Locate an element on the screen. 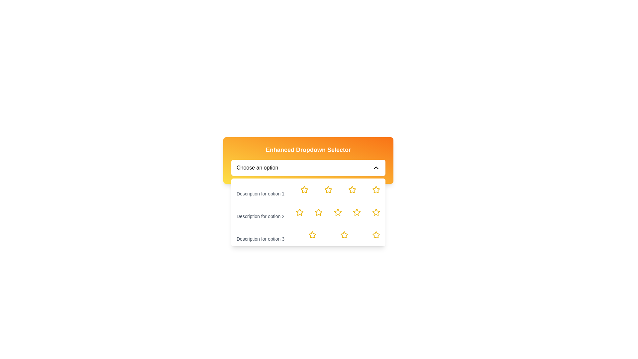 The image size is (638, 359). the second star icon in the first row of the Enhanced Dropdown Selector is located at coordinates (328, 189).